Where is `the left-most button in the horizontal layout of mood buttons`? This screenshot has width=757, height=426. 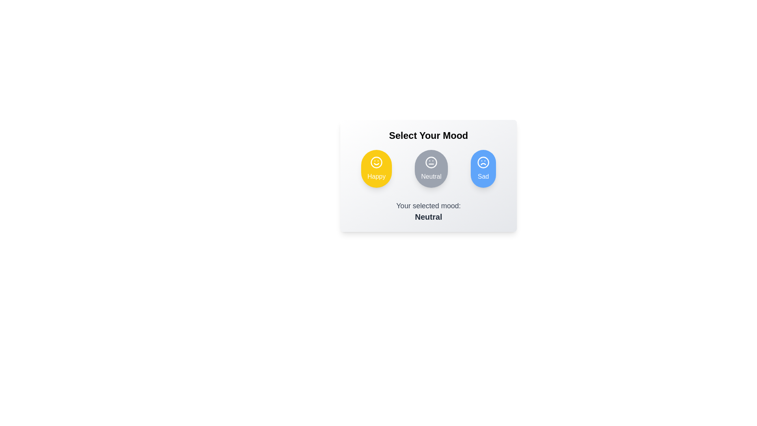 the left-most button in the horizontal layout of mood buttons is located at coordinates (376, 168).